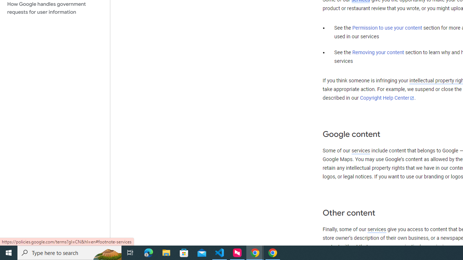 Image resolution: width=463 pixels, height=260 pixels. What do you see at coordinates (376, 229) in the screenshot?
I see `'services'` at bounding box center [376, 229].